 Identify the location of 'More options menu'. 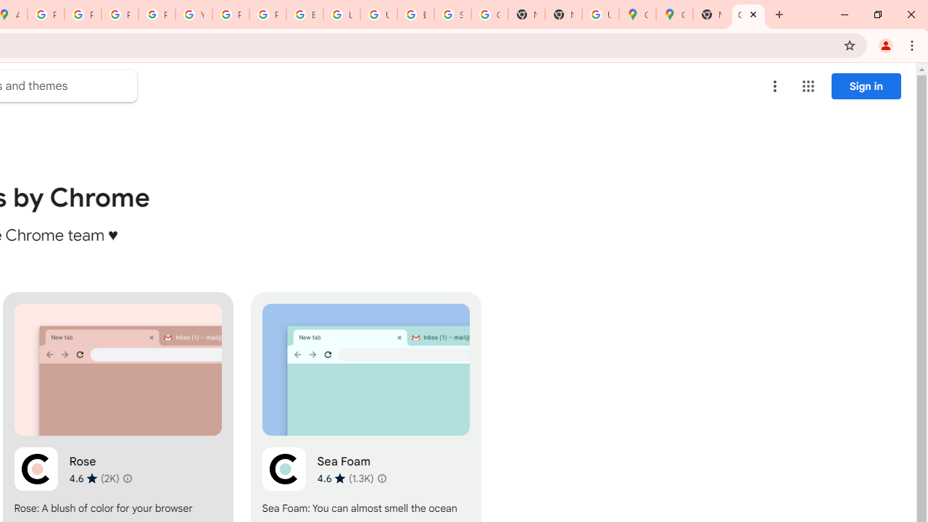
(774, 86).